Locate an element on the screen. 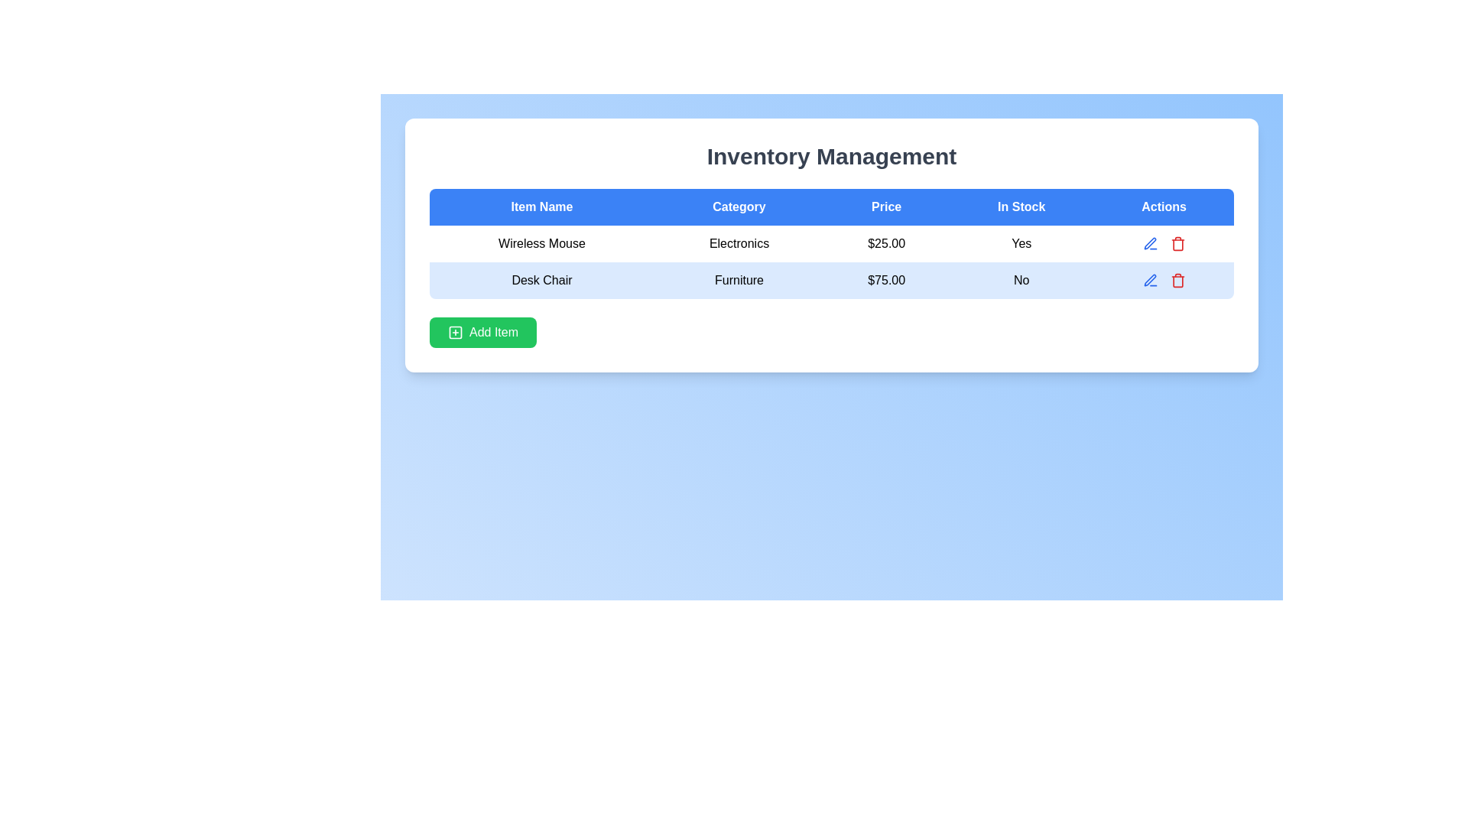 The width and height of the screenshot is (1468, 826). the table header cell that indicates stock availability, located between the 'Price' and 'Actions' headers is located at coordinates (1021, 206).